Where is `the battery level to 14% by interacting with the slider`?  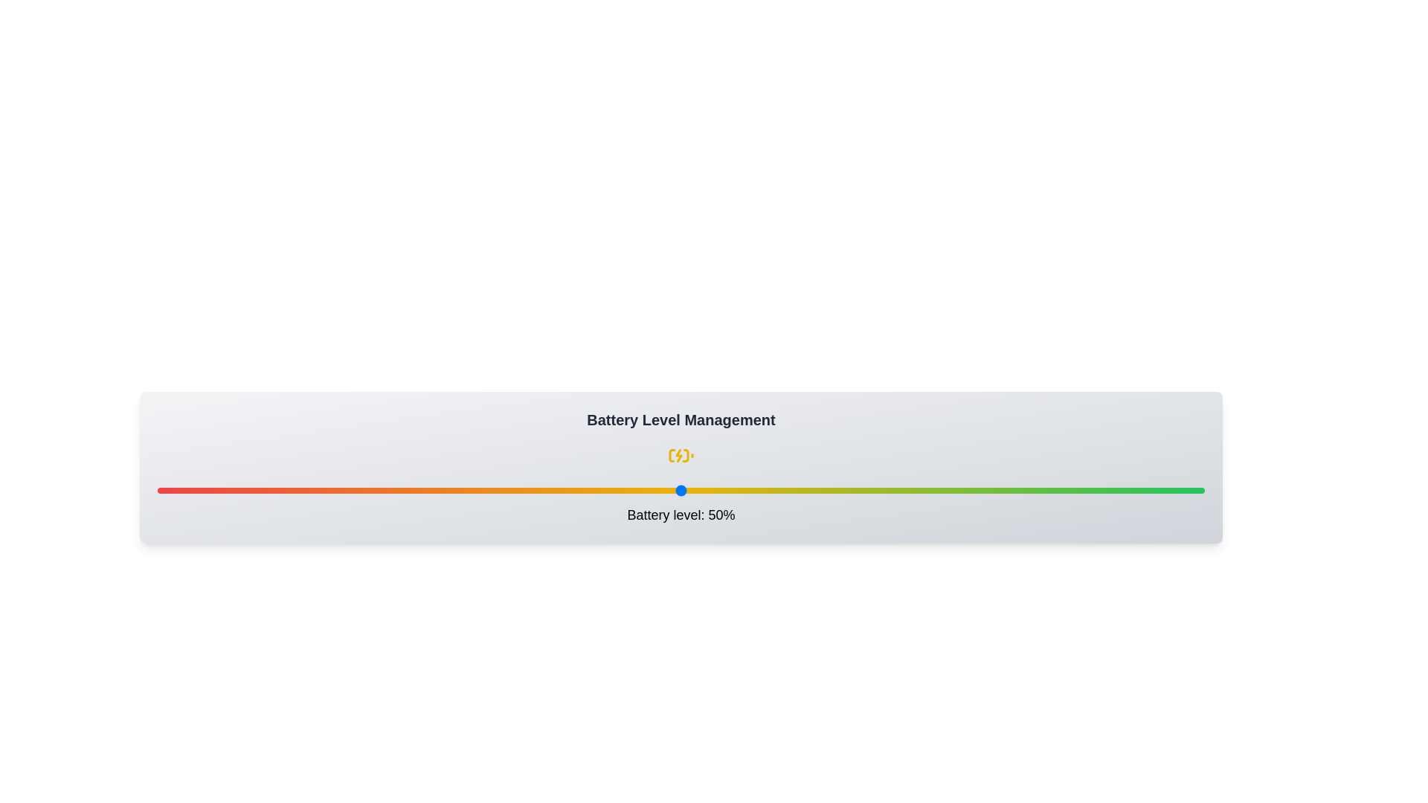
the battery level to 14% by interacting with the slider is located at coordinates (303, 490).